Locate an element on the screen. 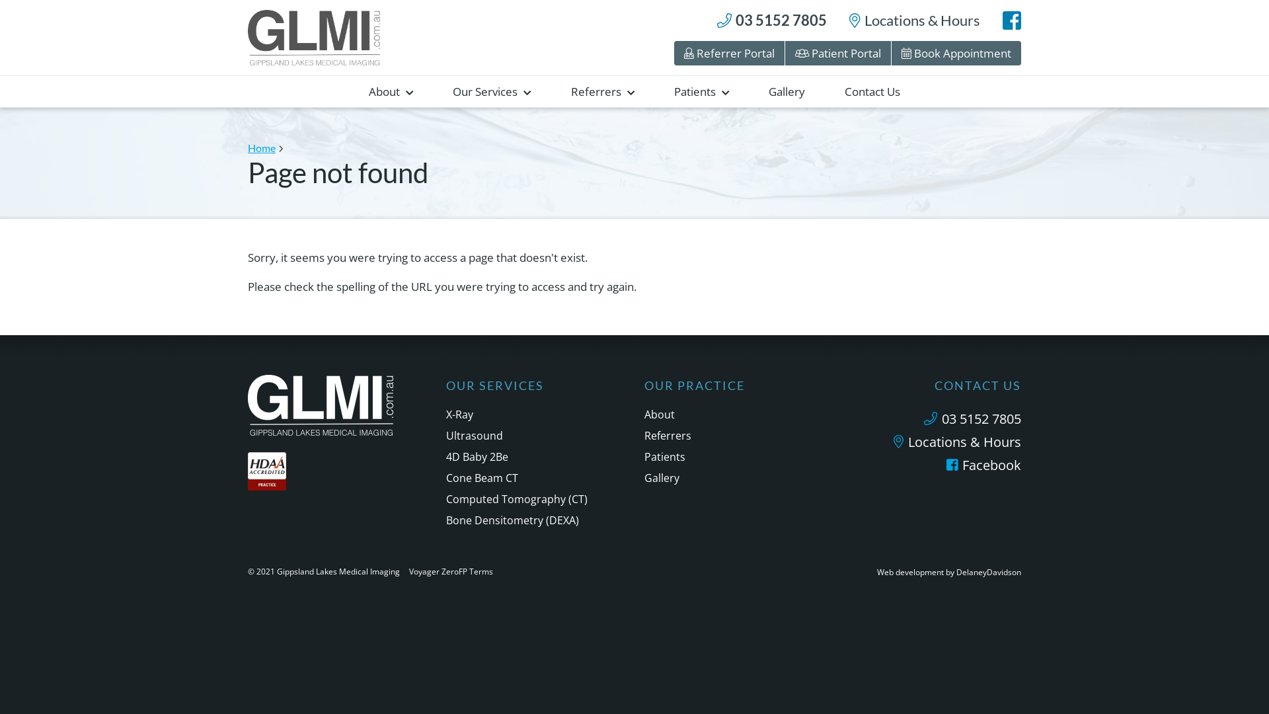 The height and width of the screenshot is (714, 1269). 'Patients' is located at coordinates (701, 91).